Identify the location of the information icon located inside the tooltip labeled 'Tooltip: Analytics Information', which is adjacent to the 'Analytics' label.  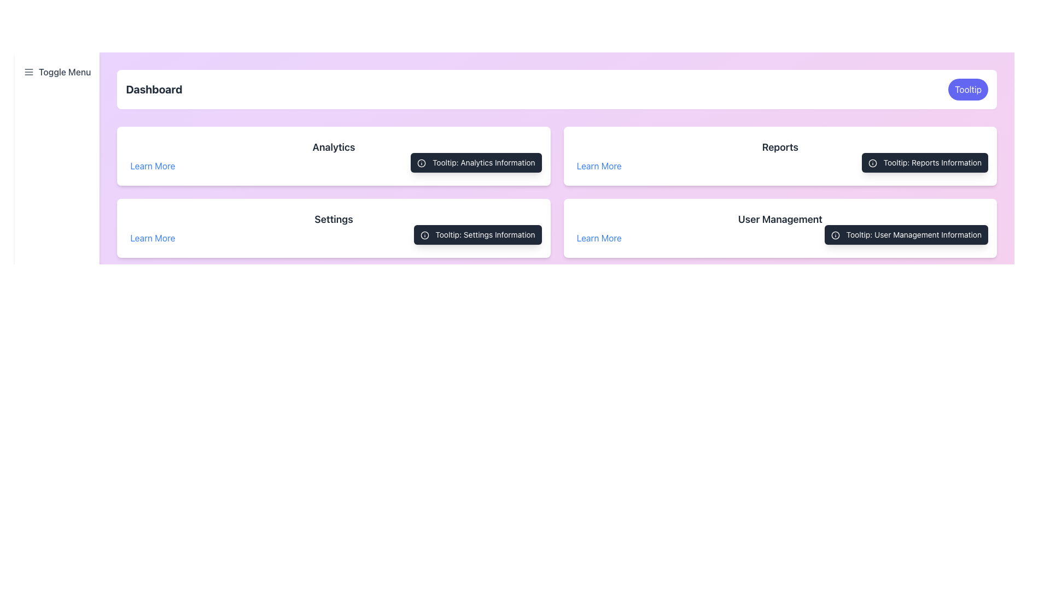
(421, 163).